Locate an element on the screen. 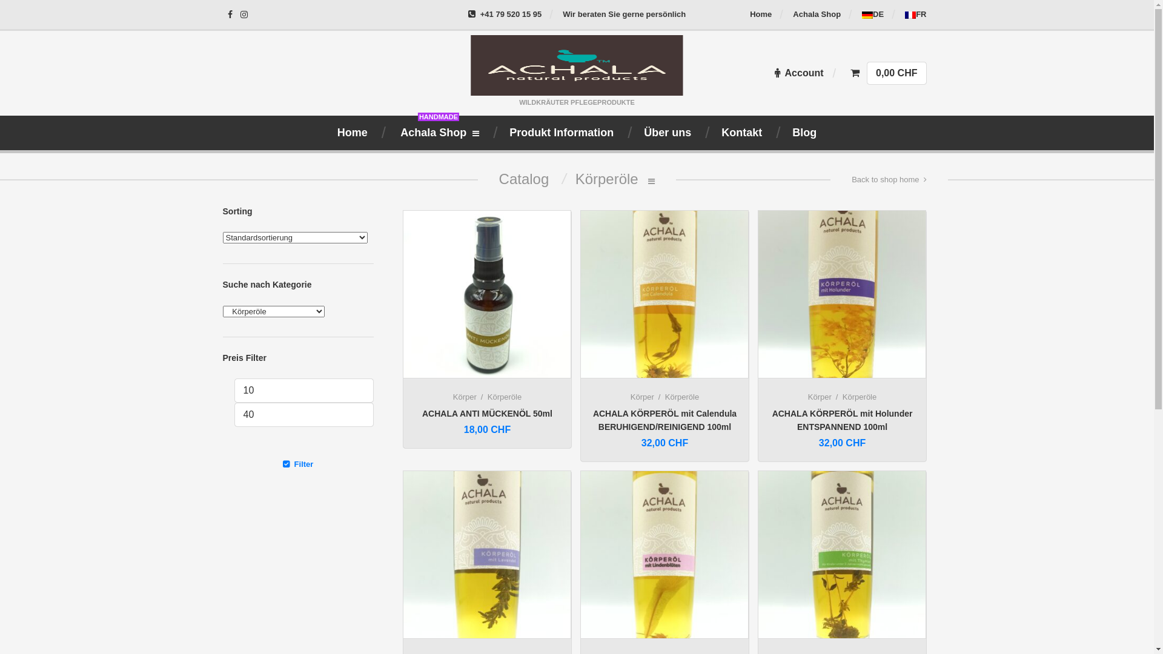 The width and height of the screenshot is (1163, 654). 'Back to shop home' is located at coordinates (889, 180).